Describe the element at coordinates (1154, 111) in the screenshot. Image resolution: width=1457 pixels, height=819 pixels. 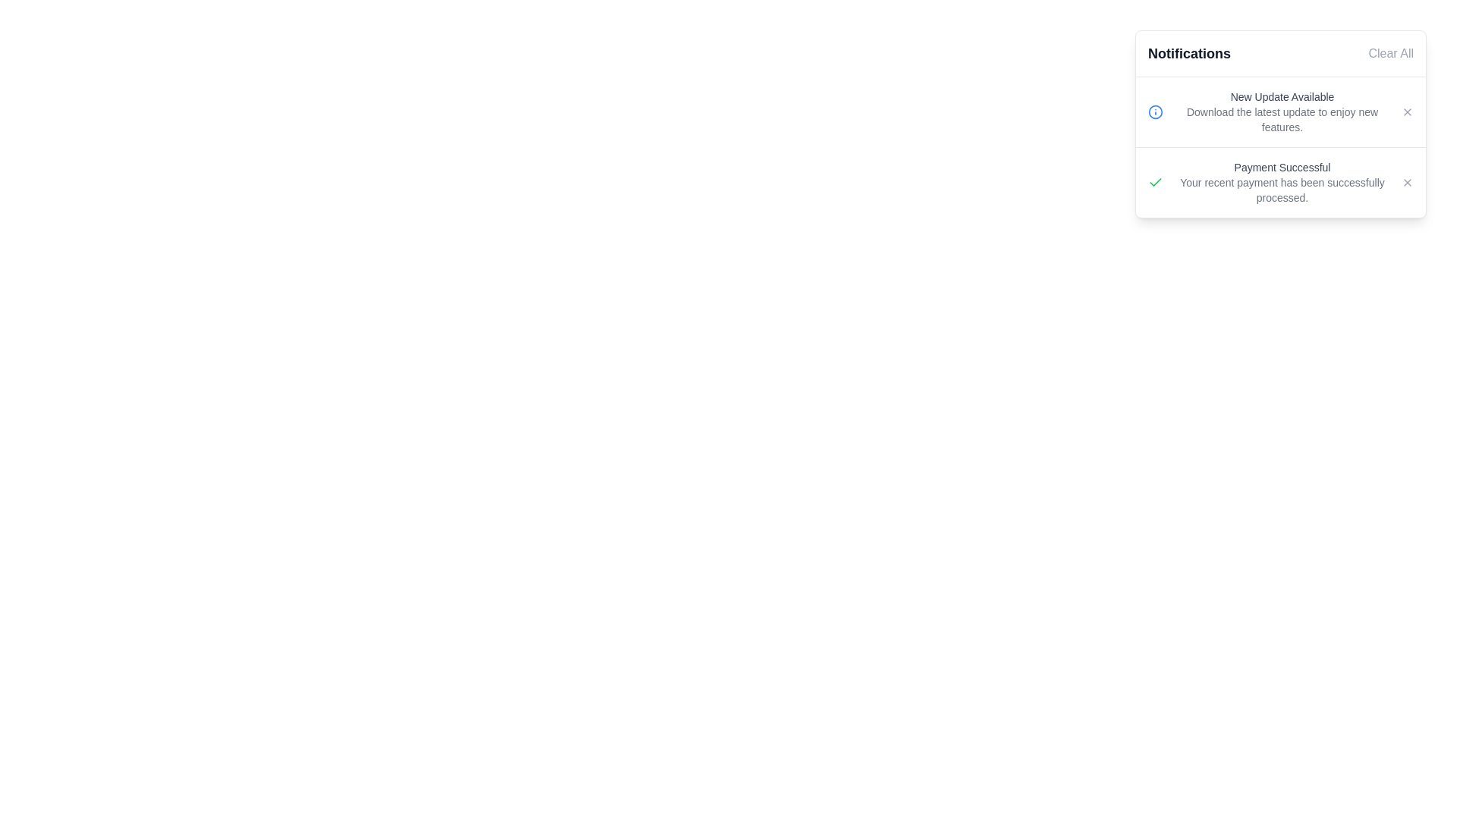
I see `the blue circular Informational Icon with an information symbol located next to the title text 'New Update Available'` at that location.